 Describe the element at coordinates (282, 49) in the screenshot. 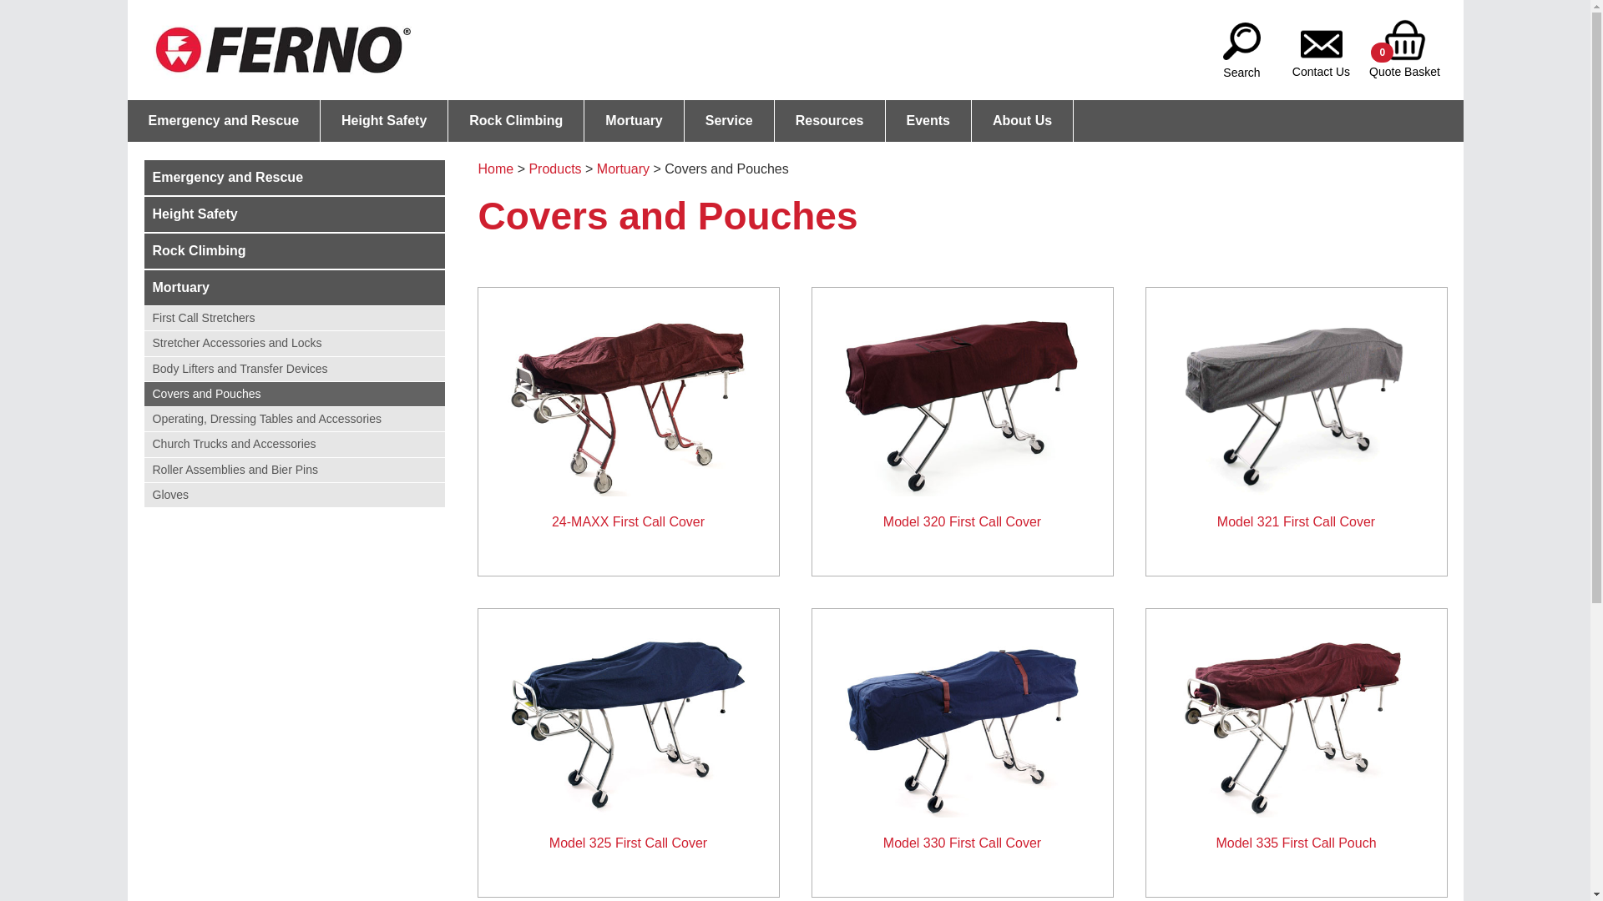

I see `'Ferno'` at that location.